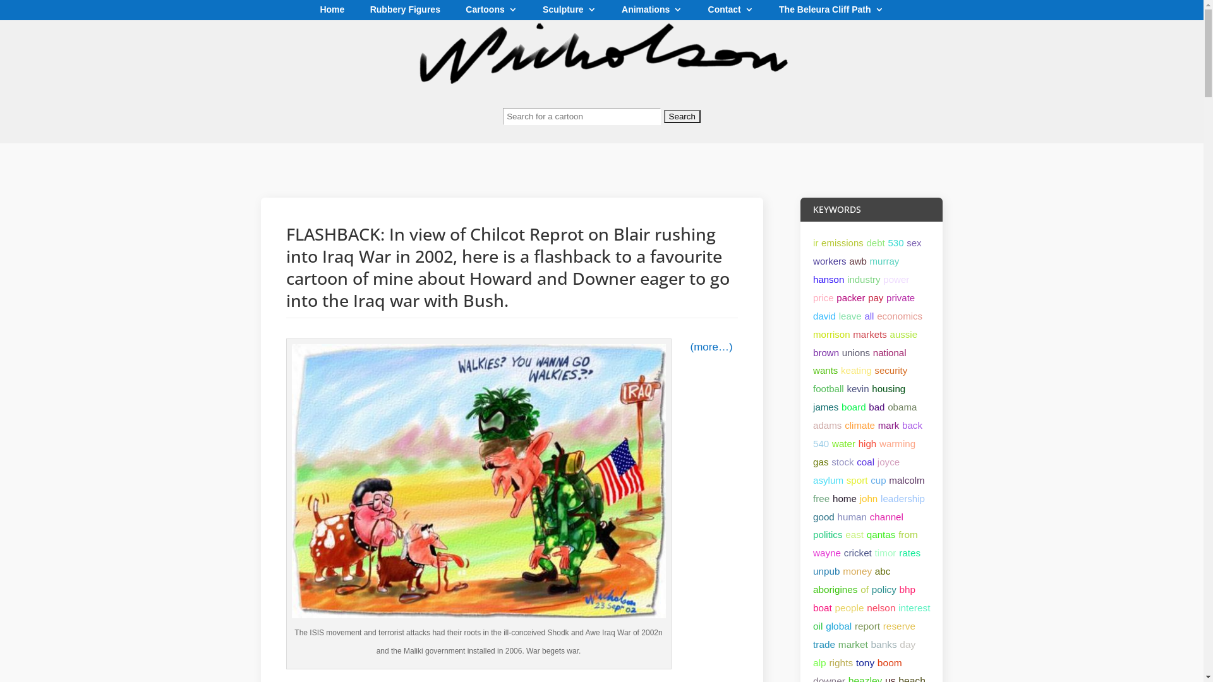  Describe the element at coordinates (884, 260) in the screenshot. I see `'murray'` at that location.